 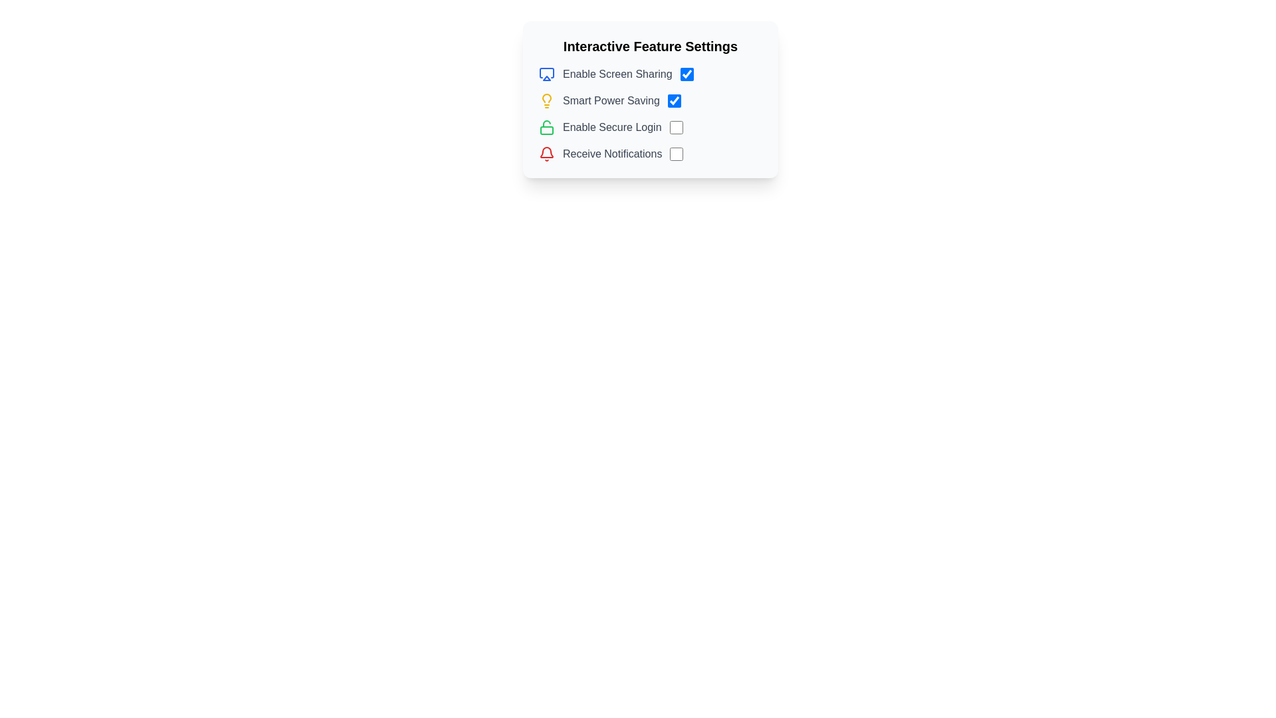 What do you see at coordinates (546, 128) in the screenshot?
I see `the green outlined lock icon that represents an unlocked lock, located to the left of the 'Enable Secure Login' text in the interactive feature settings section` at bounding box center [546, 128].